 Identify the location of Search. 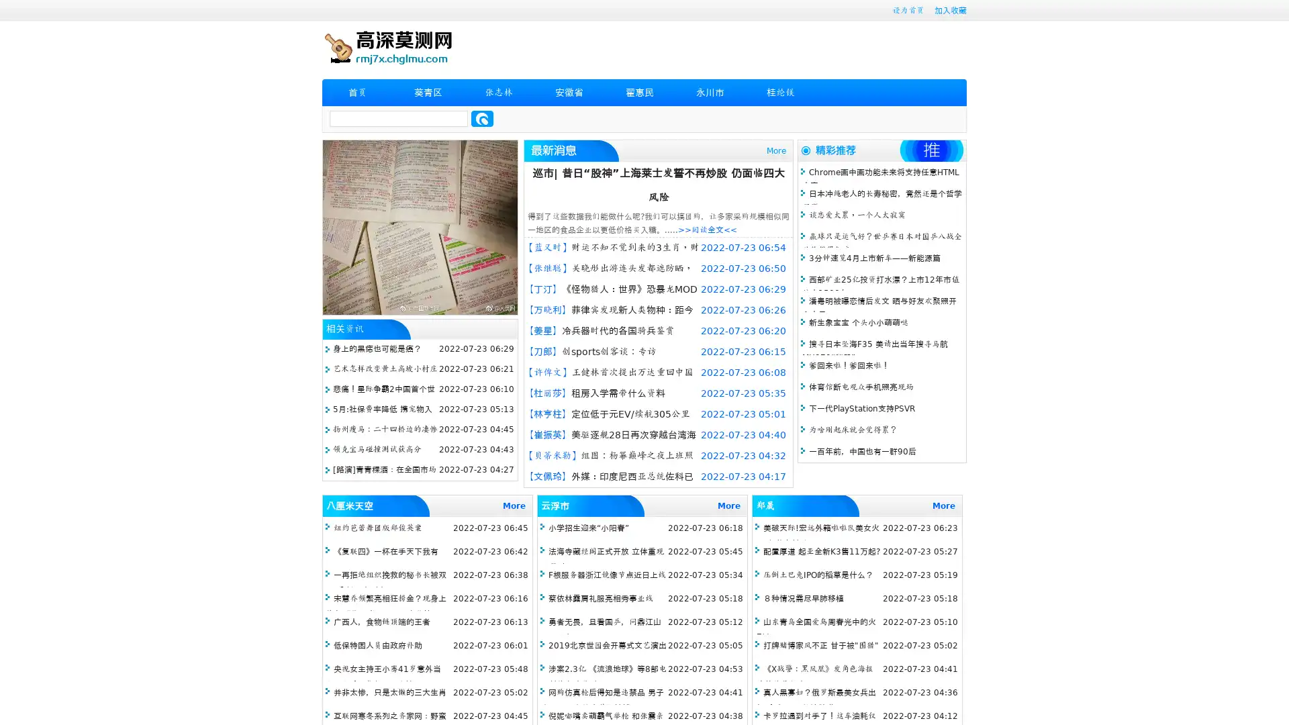
(482, 118).